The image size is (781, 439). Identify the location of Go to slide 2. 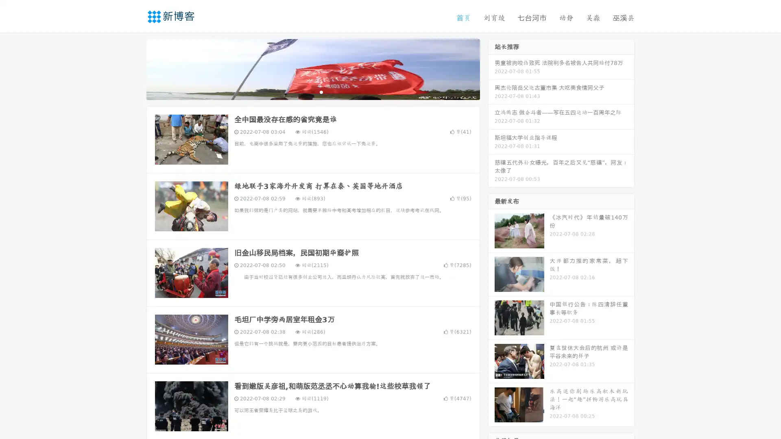
(312, 91).